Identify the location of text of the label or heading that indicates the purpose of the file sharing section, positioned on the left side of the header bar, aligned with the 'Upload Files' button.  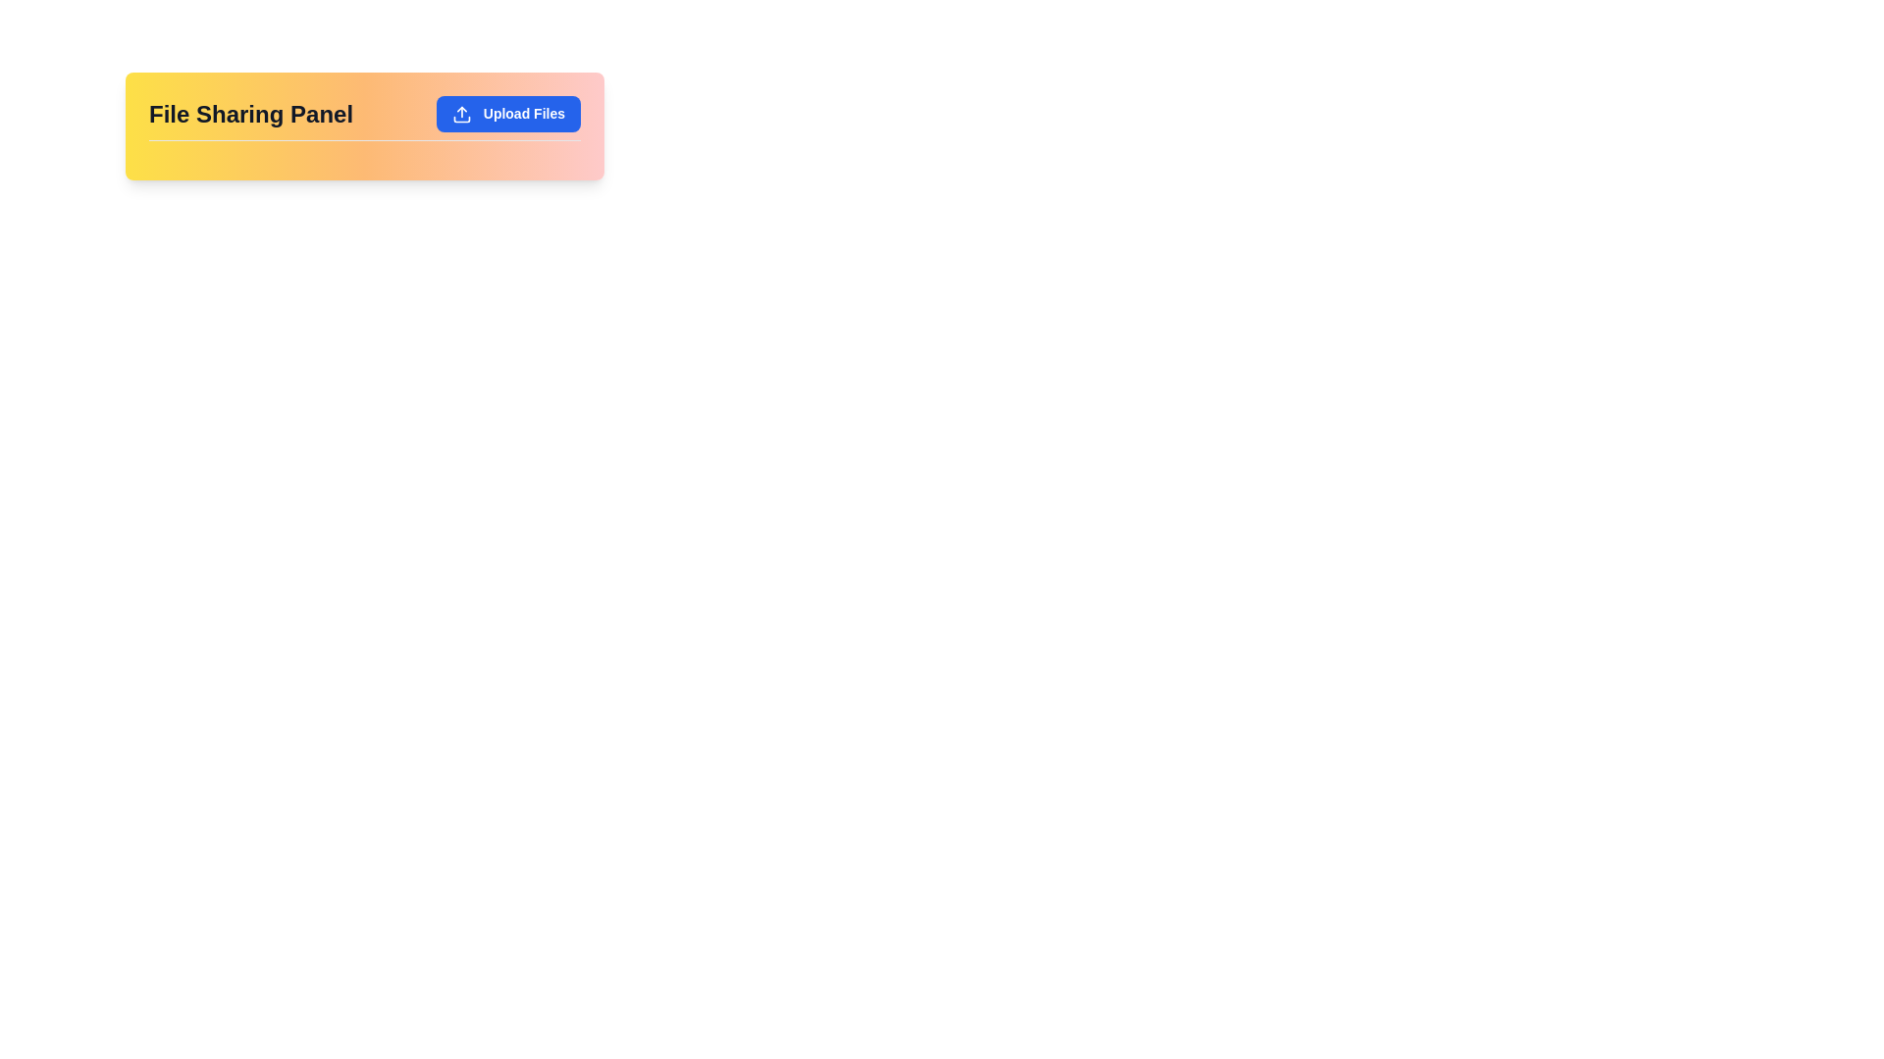
(249, 114).